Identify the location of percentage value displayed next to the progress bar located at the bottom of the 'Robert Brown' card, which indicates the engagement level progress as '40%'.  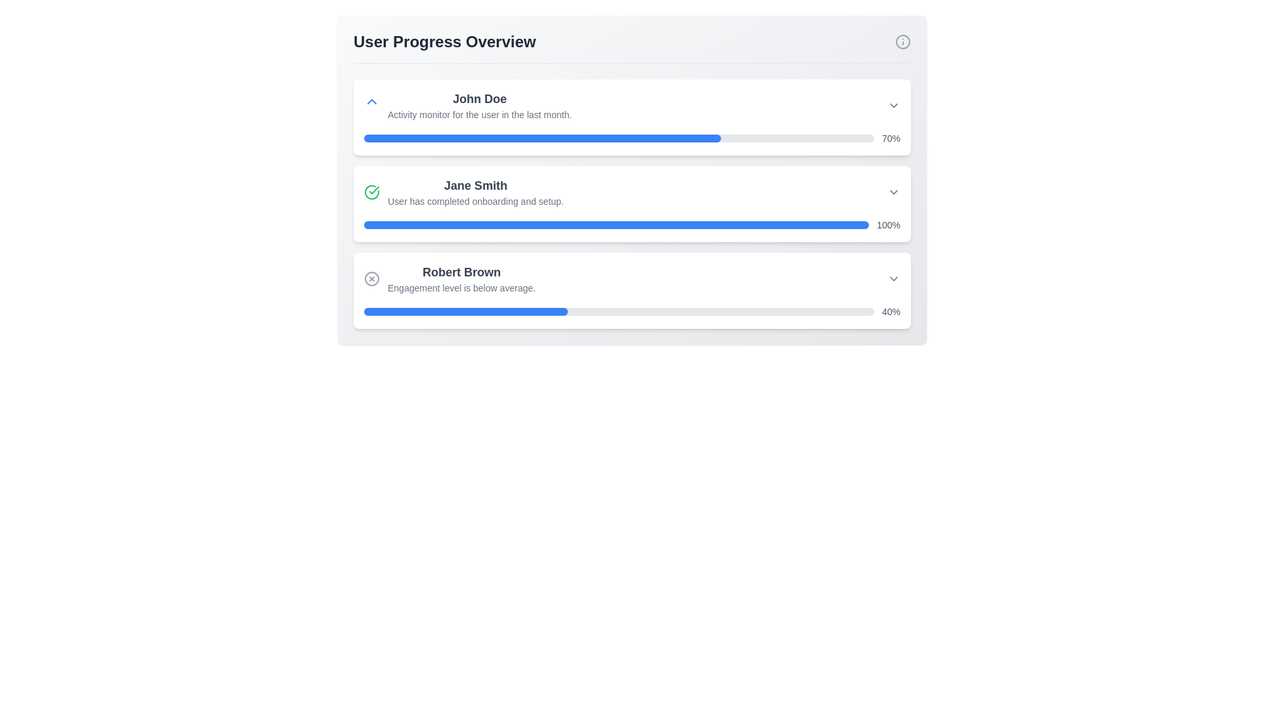
(632, 311).